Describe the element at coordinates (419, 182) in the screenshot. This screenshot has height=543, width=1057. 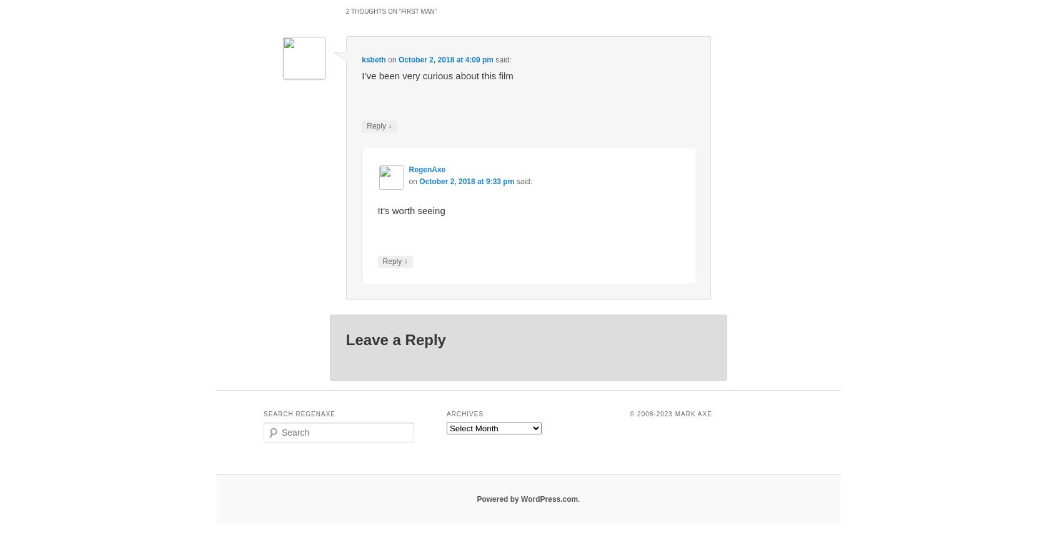
I see `'October 2, 2018 at 9:33 pm'` at that location.